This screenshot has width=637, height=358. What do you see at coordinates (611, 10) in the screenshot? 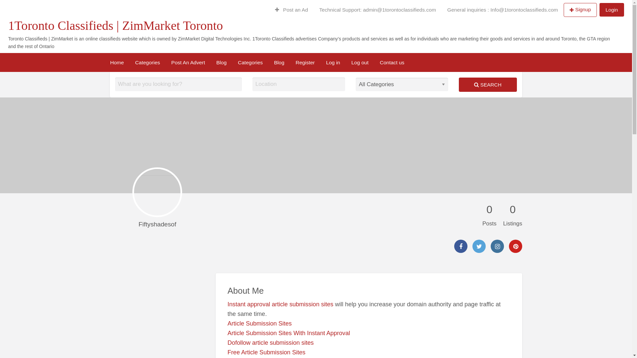
I see `'Login'` at bounding box center [611, 10].